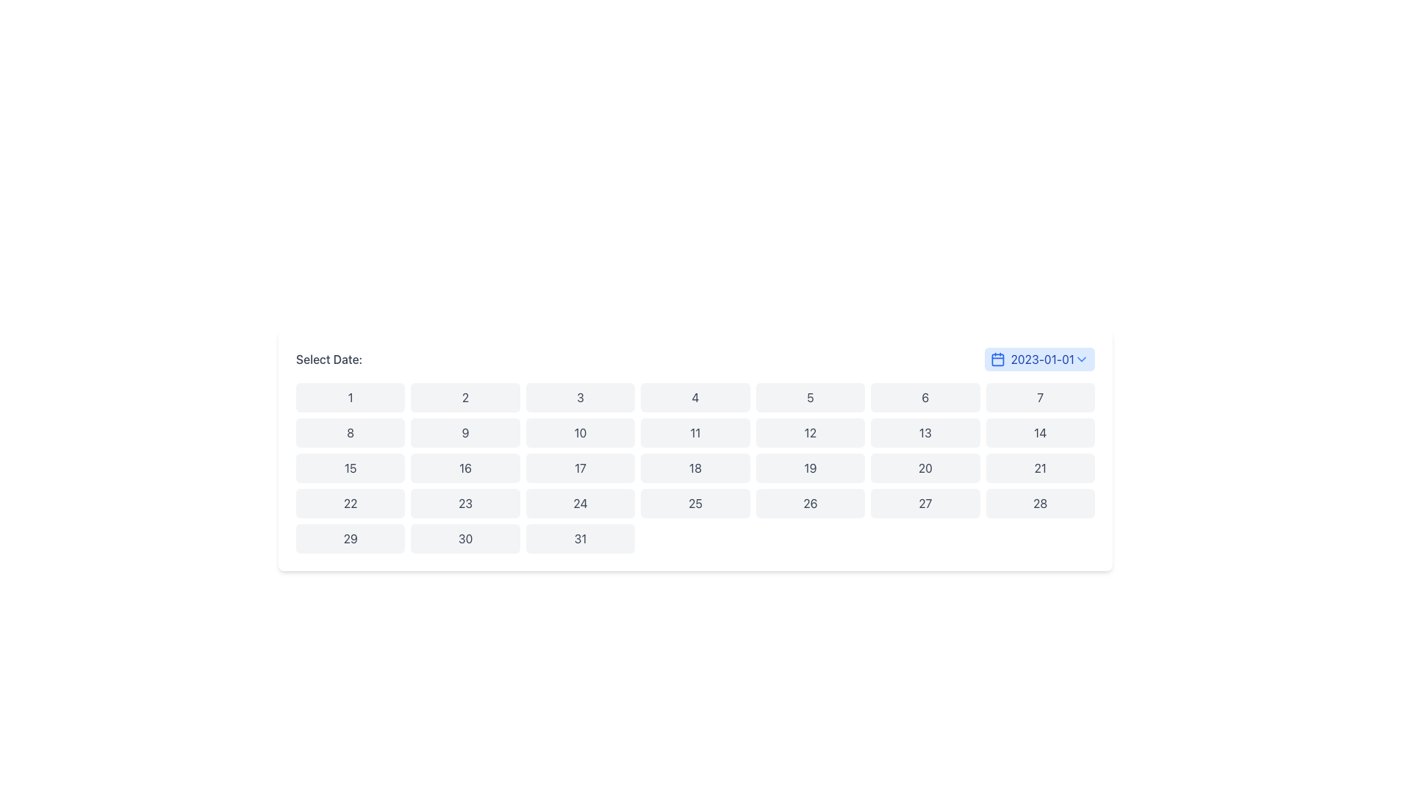  What do you see at coordinates (580, 503) in the screenshot?
I see `the button displaying '24' in a bold, dark gray font, which is part of a calendar grid layout and changes to a light blue background when hovered` at bounding box center [580, 503].